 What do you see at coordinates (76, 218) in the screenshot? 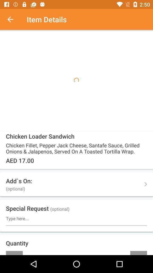
I see `the type here field of special request` at bounding box center [76, 218].